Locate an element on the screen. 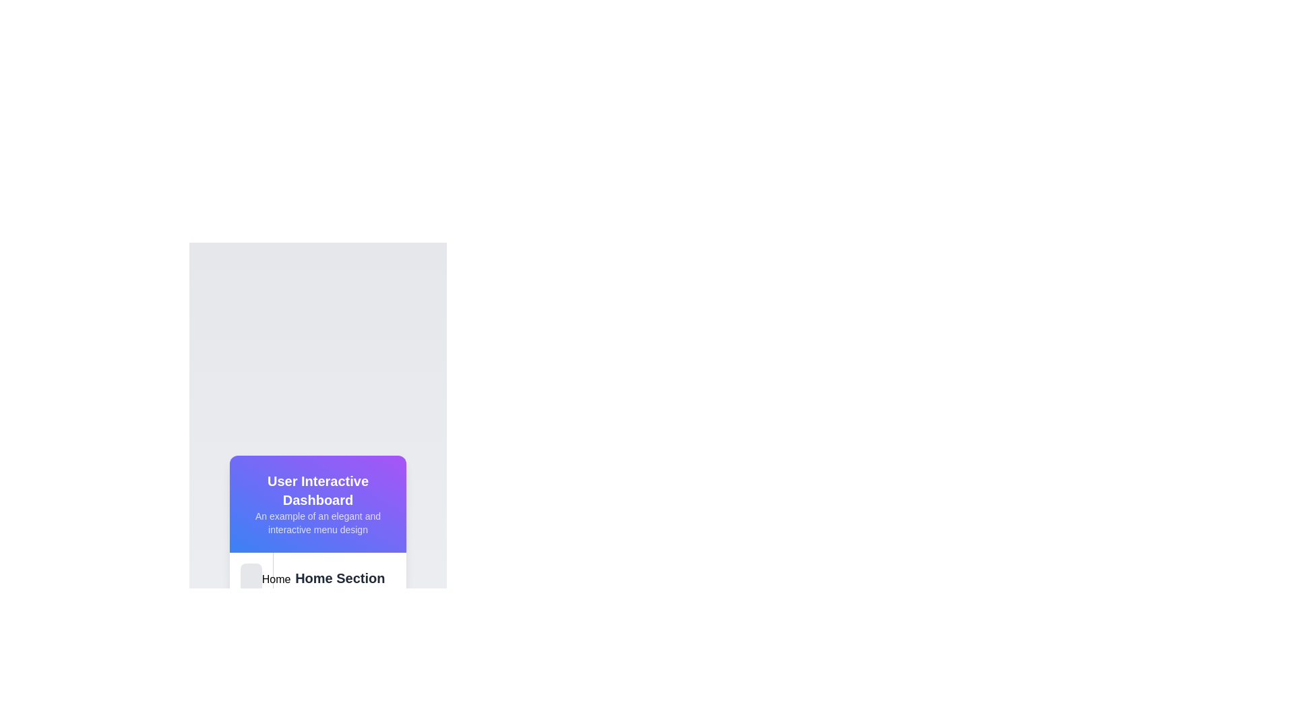 This screenshot has height=728, width=1294. the text block containing the message 'An example of an elegant and interactive menu design' to copy it is located at coordinates (317, 522).